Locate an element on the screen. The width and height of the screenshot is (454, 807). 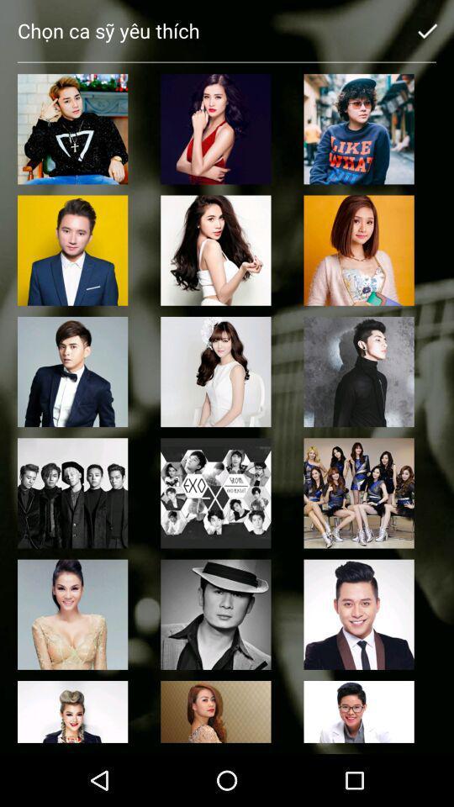
the check icon is located at coordinates (427, 29).